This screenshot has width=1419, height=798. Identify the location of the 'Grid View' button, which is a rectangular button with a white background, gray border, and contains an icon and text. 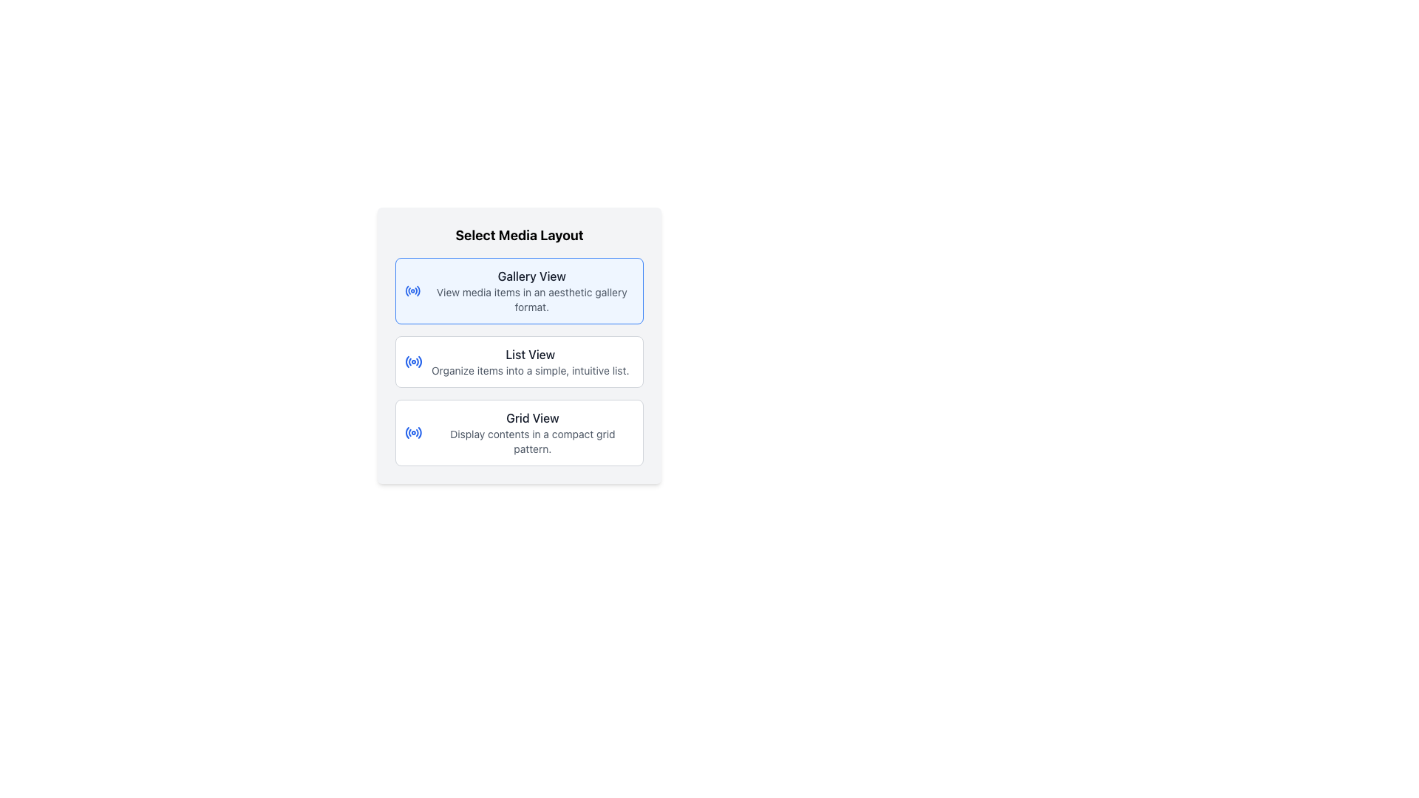
(519, 432).